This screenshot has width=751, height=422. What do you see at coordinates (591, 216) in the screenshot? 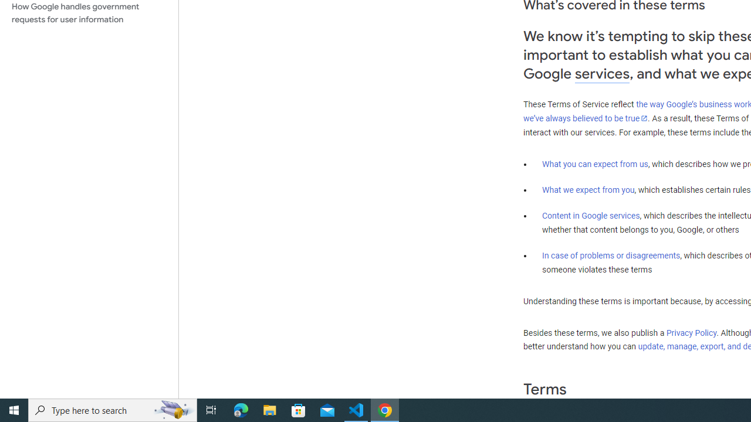
I see `'Content in Google services'` at bounding box center [591, 216].